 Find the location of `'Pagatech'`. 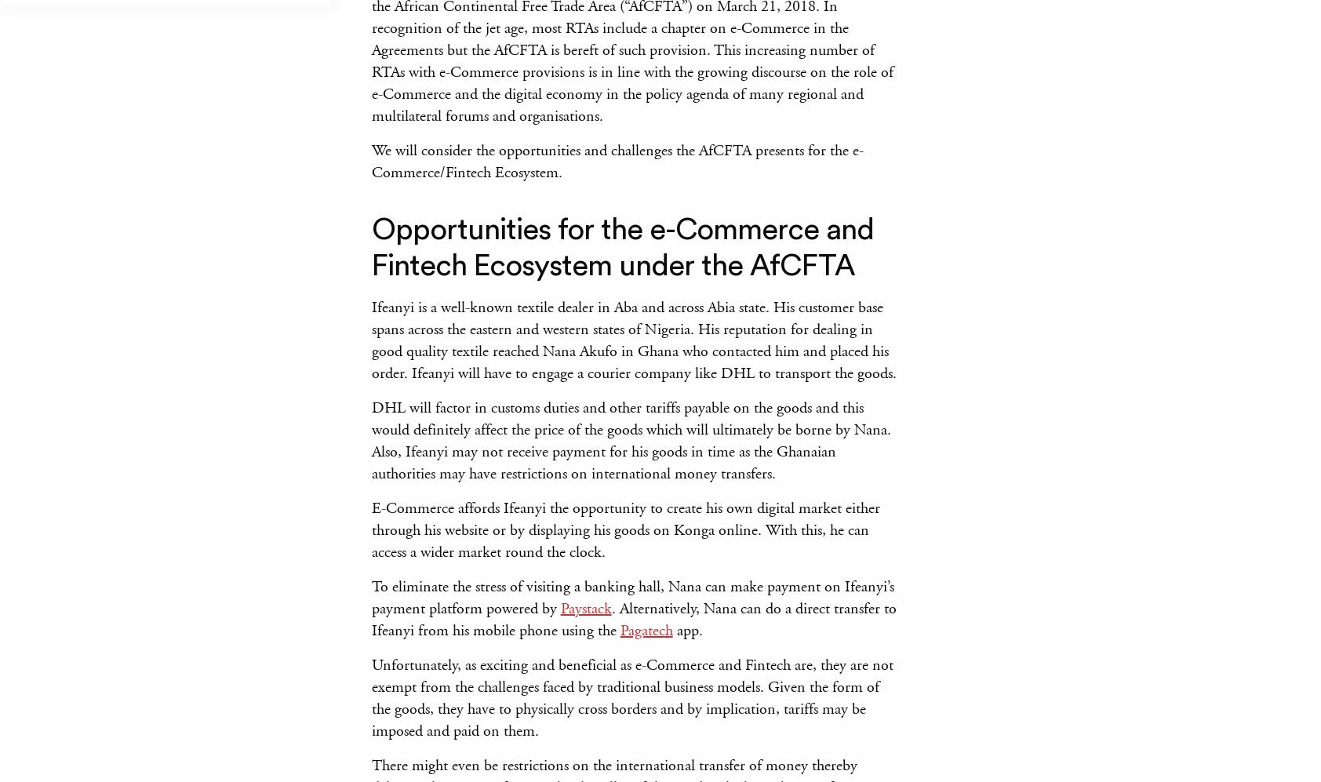

'Pagatech' is located at coordinates (646, 629).